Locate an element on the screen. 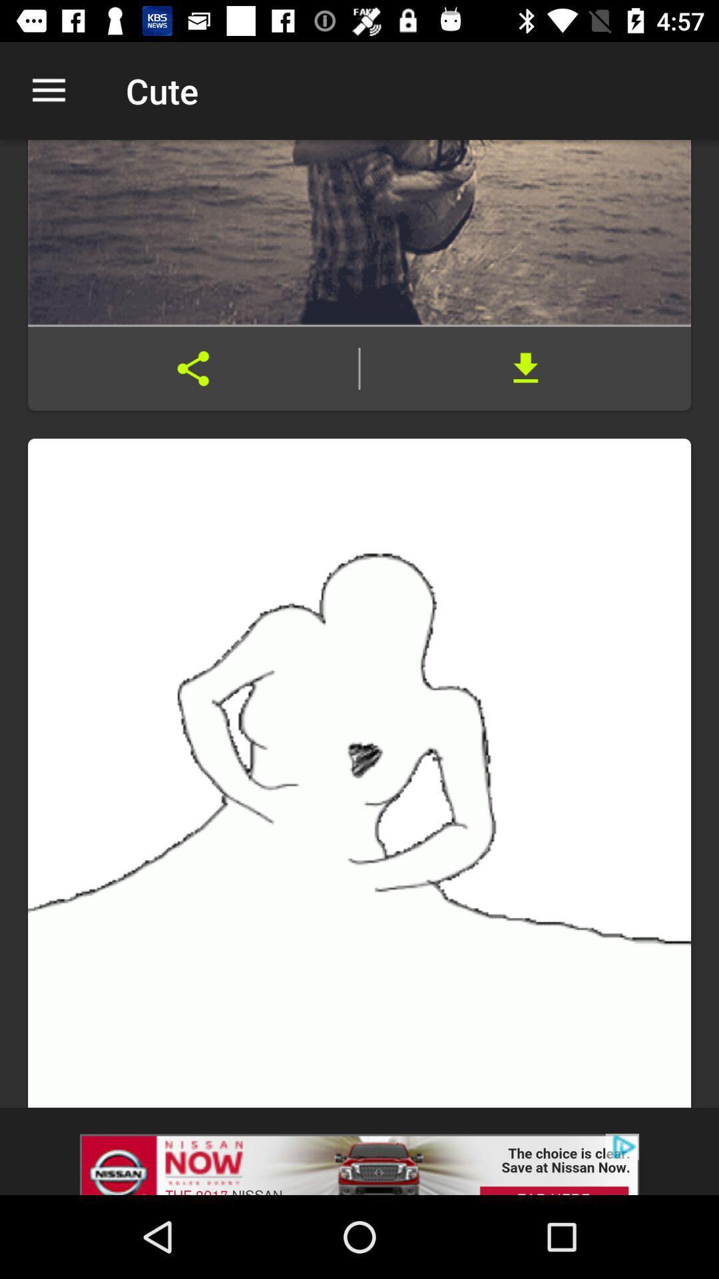  share is located at coordinates (193, 368).